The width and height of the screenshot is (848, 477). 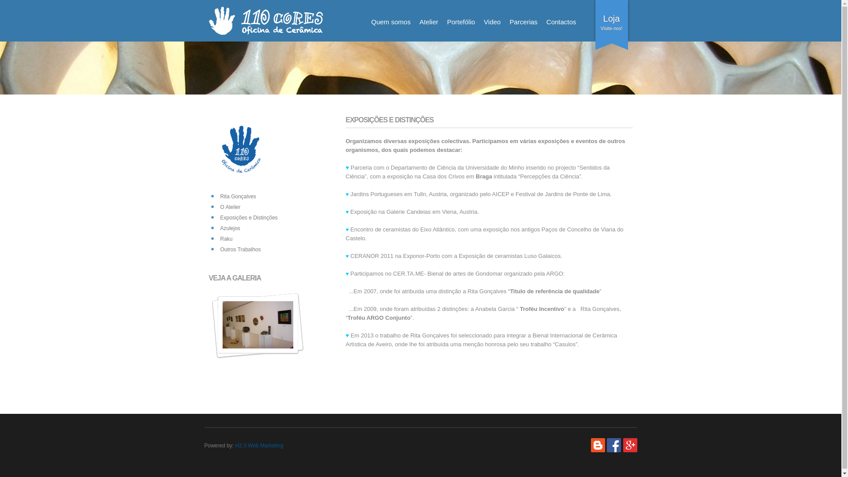 What do you see at coordinates (629, 450) in the screenshot?
I see `'Google +'` at bounding box center [629, 450].